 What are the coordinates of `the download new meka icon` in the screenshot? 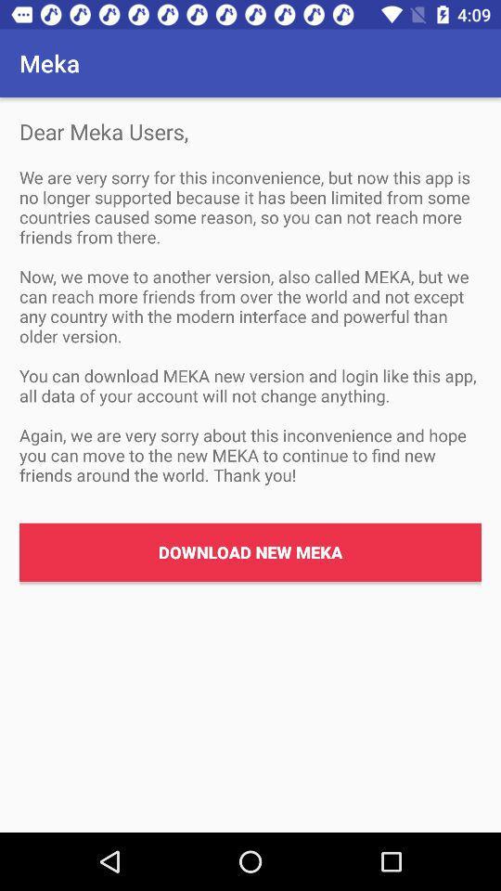 It's located at (250, 552).